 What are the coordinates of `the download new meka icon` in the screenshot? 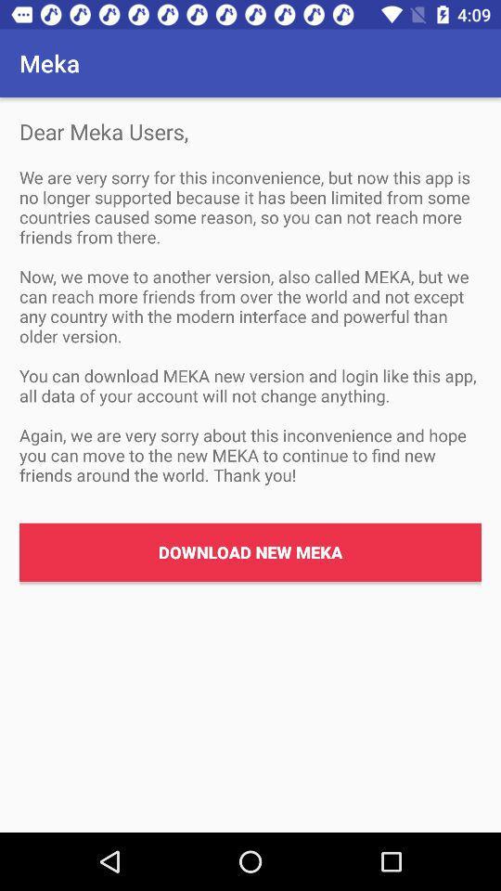 It's located at (250, 552).